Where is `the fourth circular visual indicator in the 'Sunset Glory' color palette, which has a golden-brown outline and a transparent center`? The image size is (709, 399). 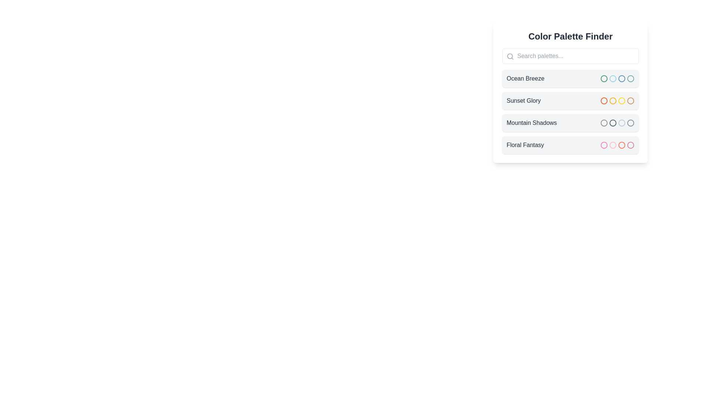
the fourth circular visual indicator in the 'Sunset Glory' color palette, which has a golden-brown outline and a transparent center is located at coordinates (630, 101).